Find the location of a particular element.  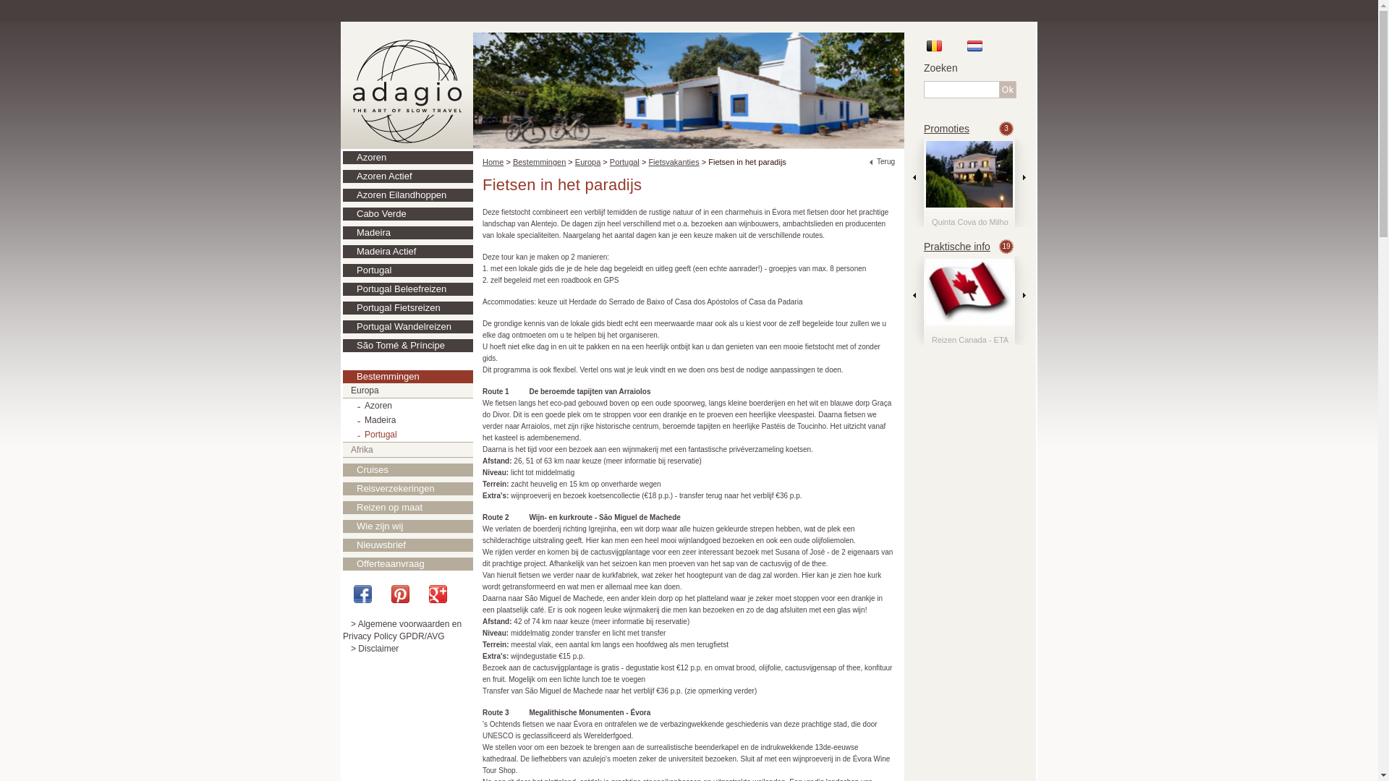

'Cabo Verde' is located at coordinates (342, 214).